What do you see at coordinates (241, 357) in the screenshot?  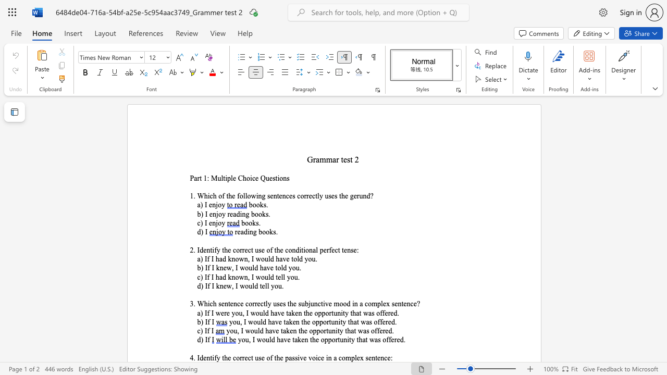 I see `the subset text "rect use of the" within the text "the correct use of the passive voice in a complex sentence:"` at bounding box center [241, 357].